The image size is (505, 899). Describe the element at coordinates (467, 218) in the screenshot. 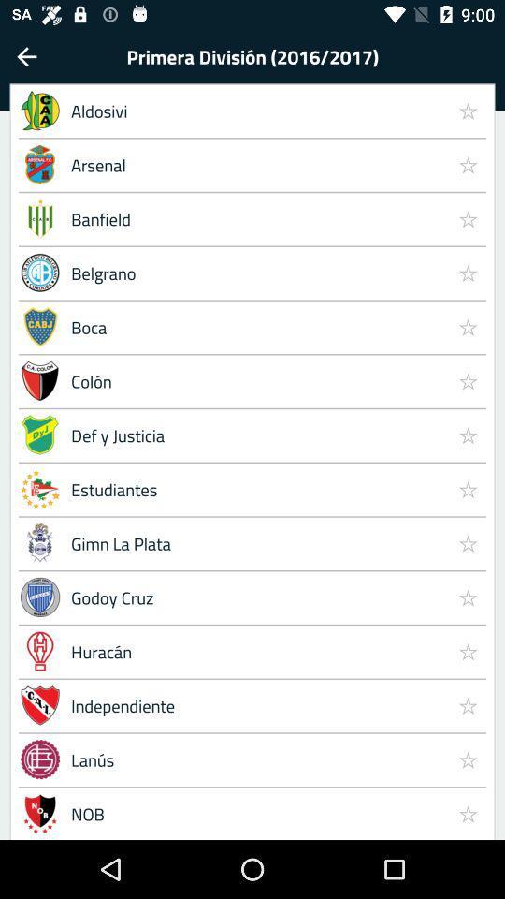

I see `item to the right of the arsenal` at that location.